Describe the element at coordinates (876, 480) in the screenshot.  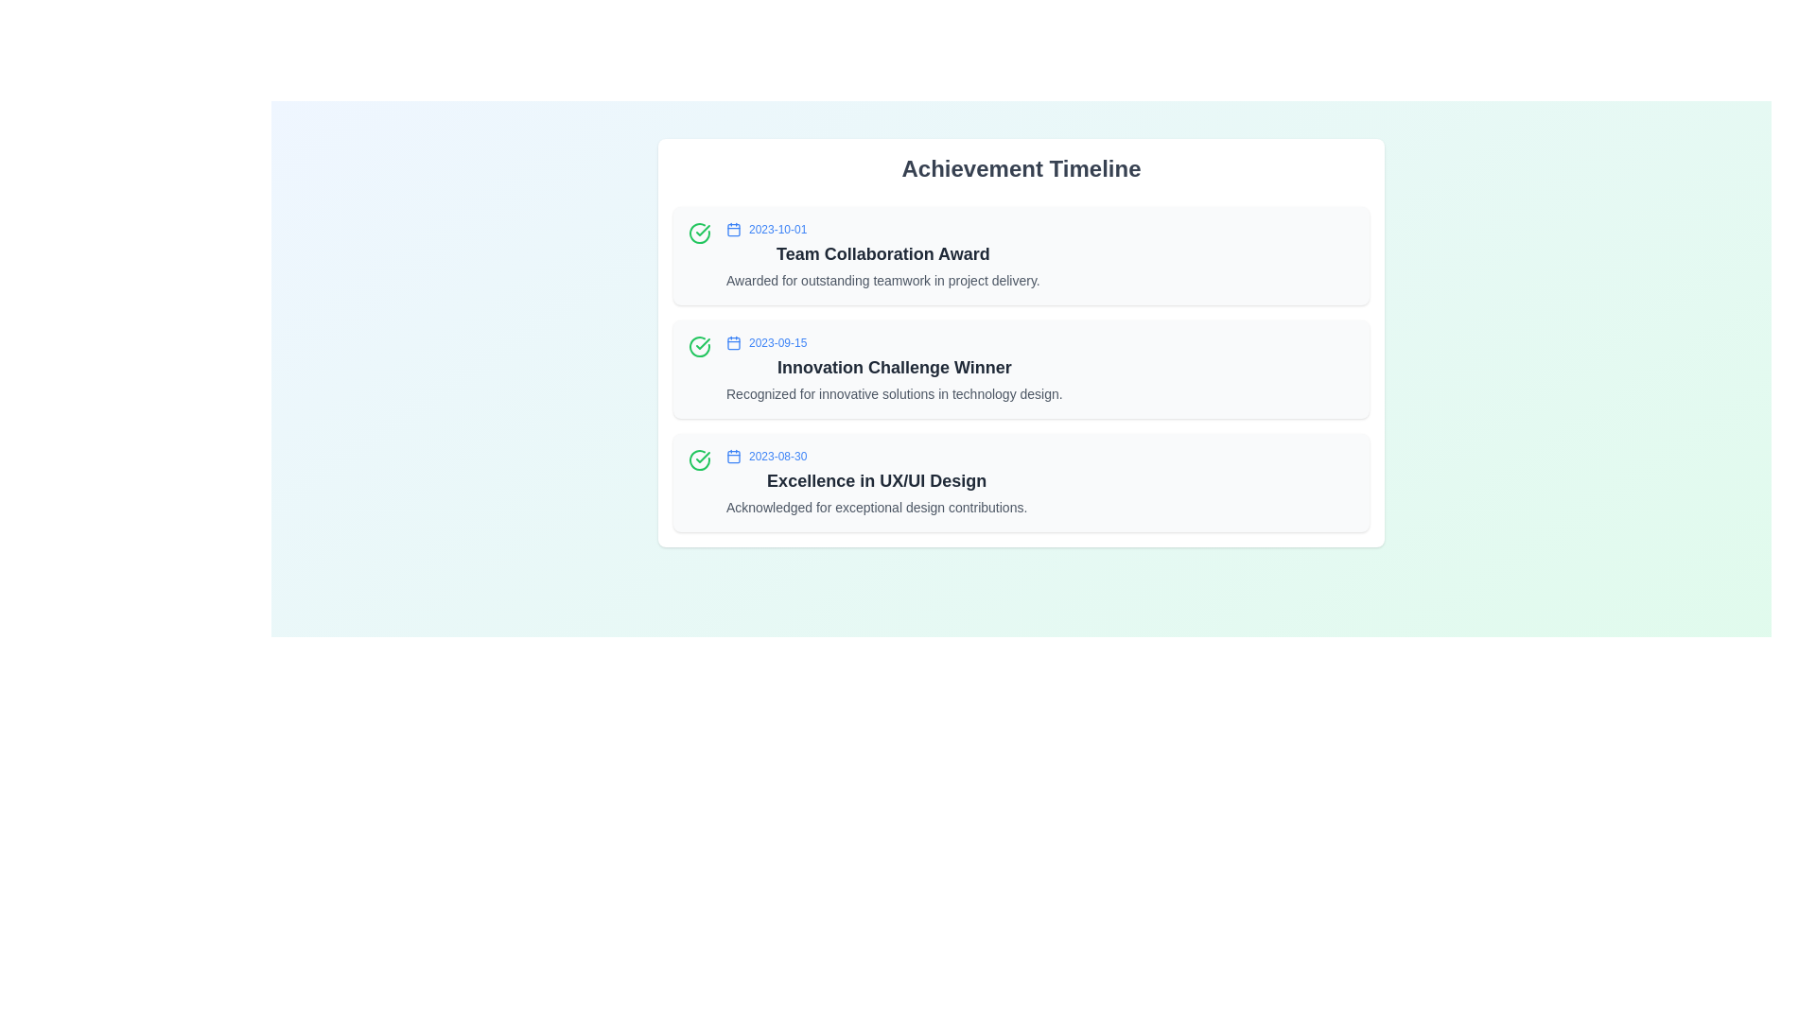
I see `text of the third title item in the achievement list, which is located between 'Innovation Challenge Winner' and 'Acknowledged for exceptional design contributions.'` at that location.